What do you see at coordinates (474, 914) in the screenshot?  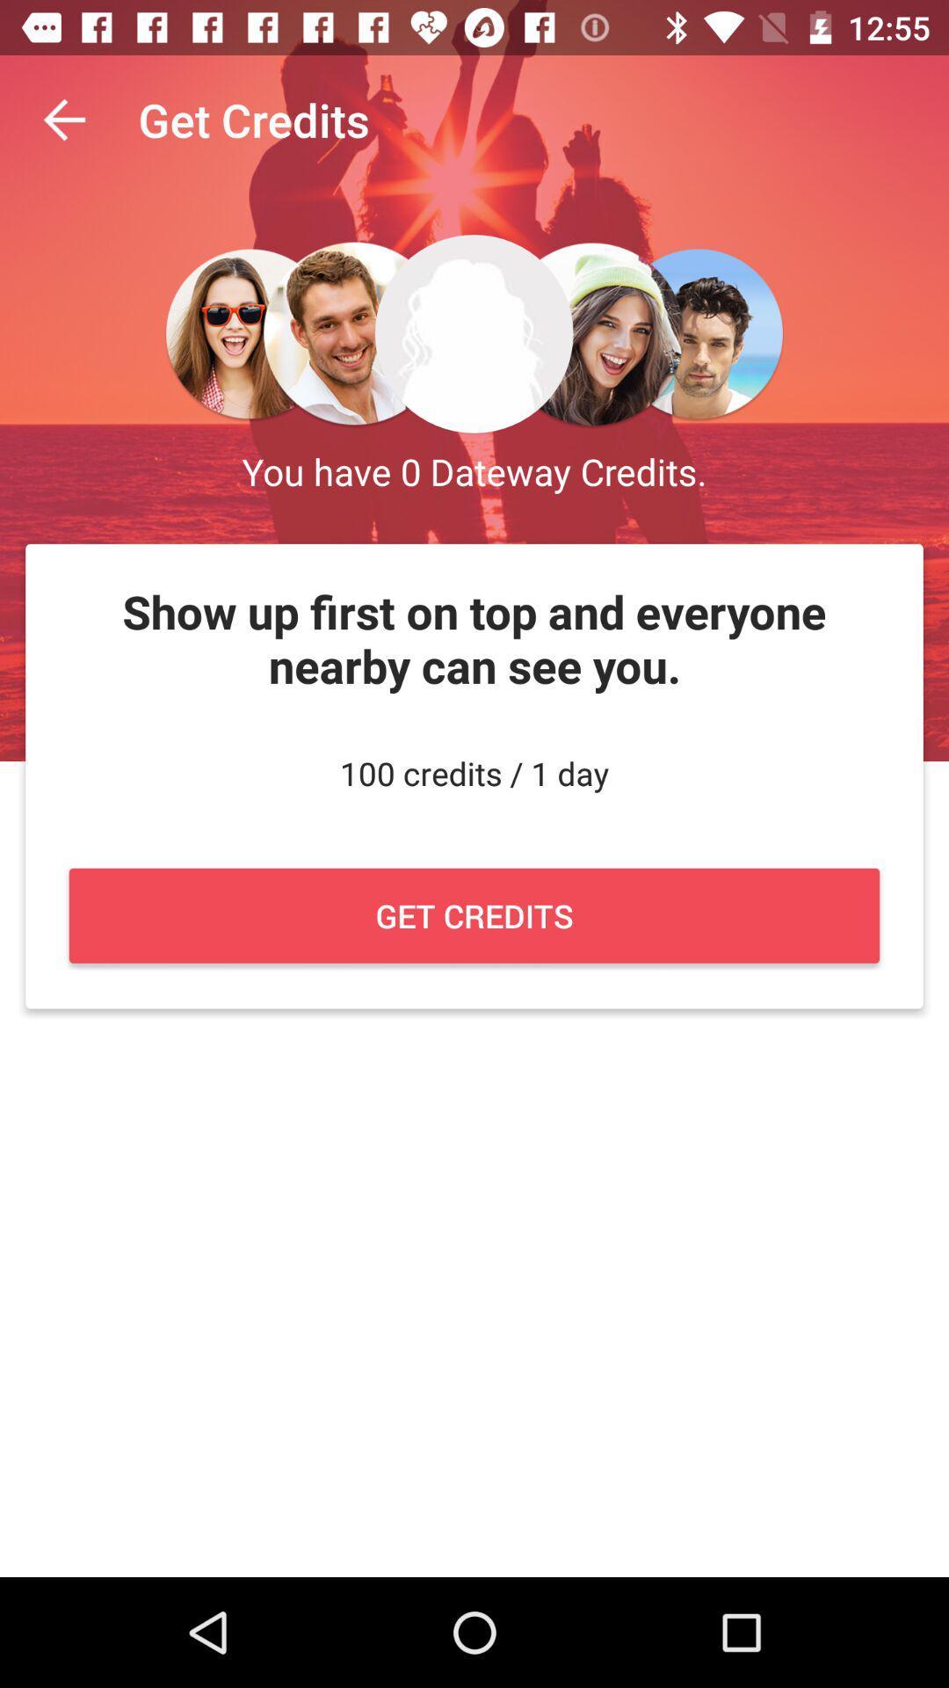 I see `tap on the button named as get credits` at bounding box center [474, 914].